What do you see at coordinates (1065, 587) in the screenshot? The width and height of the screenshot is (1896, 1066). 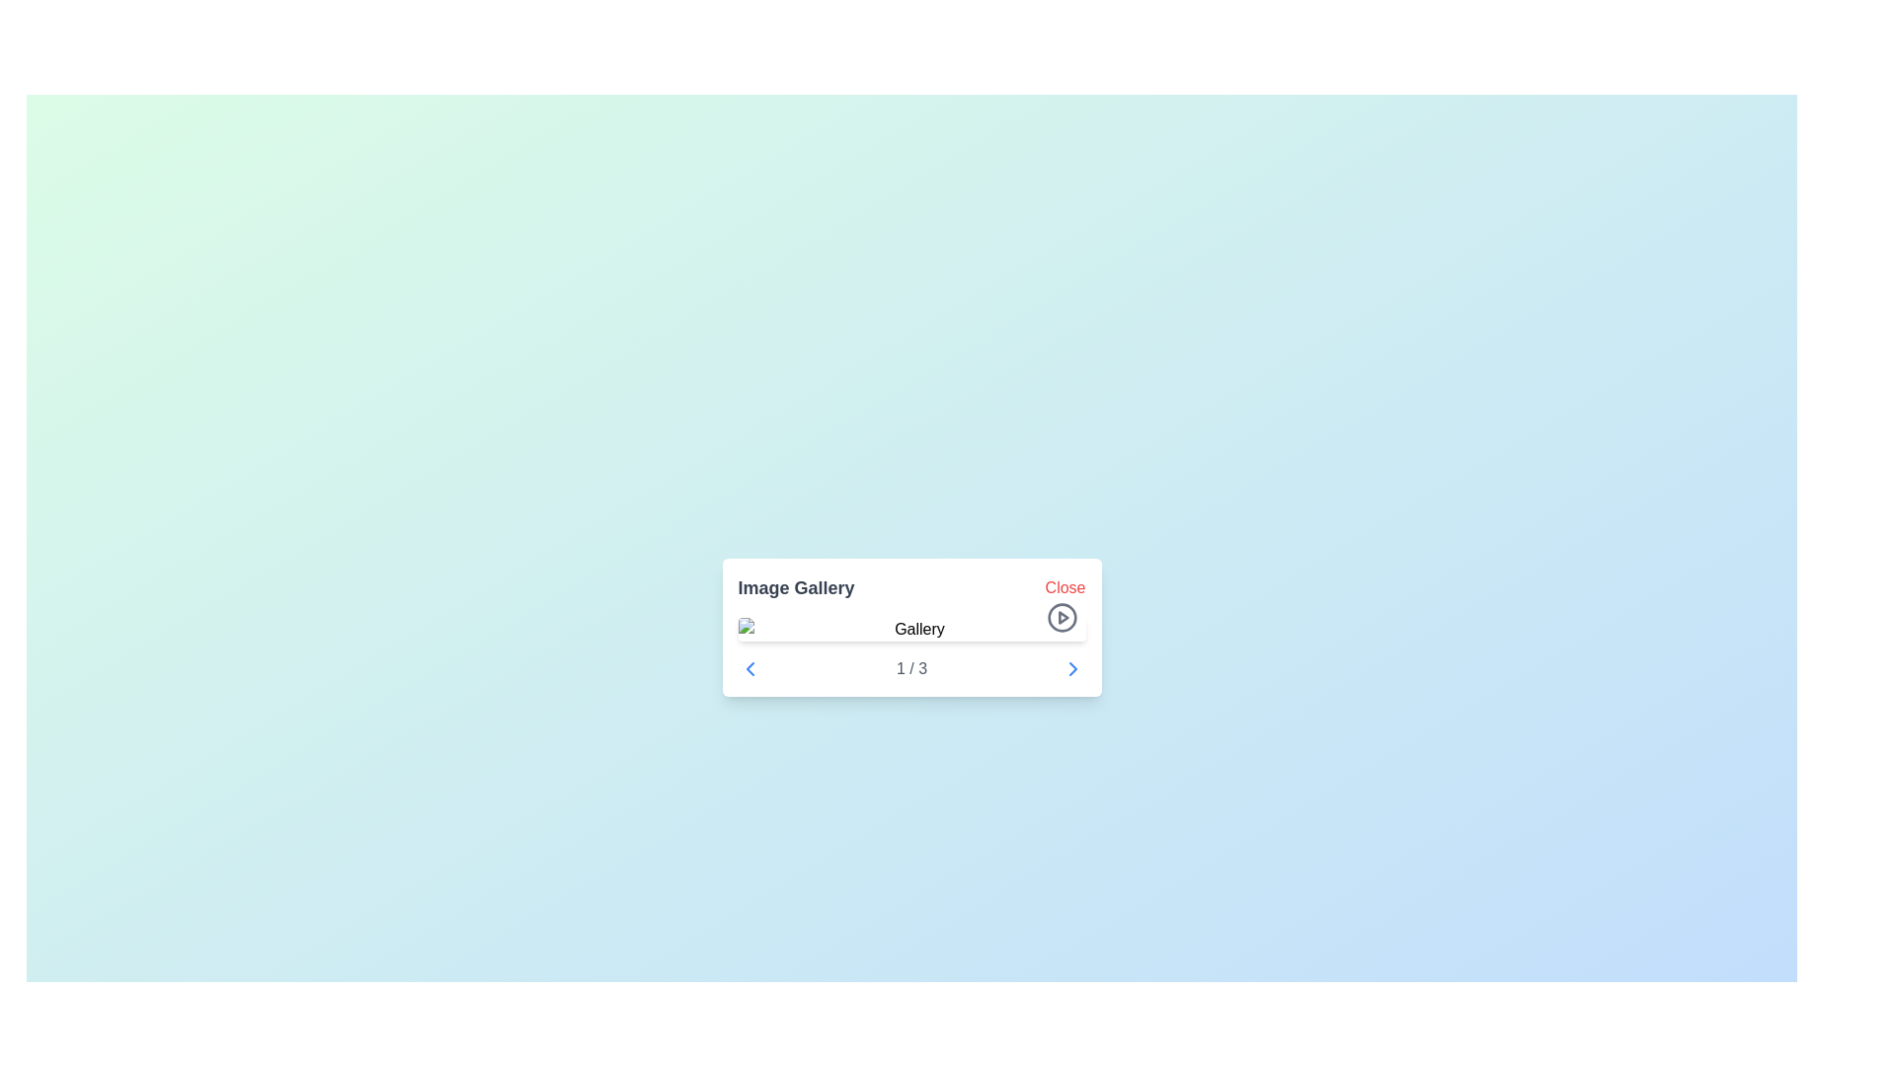 I see `the close button located at the top-right corner of the 'Image Gallery' content box` at bounding box center [1065, 587].